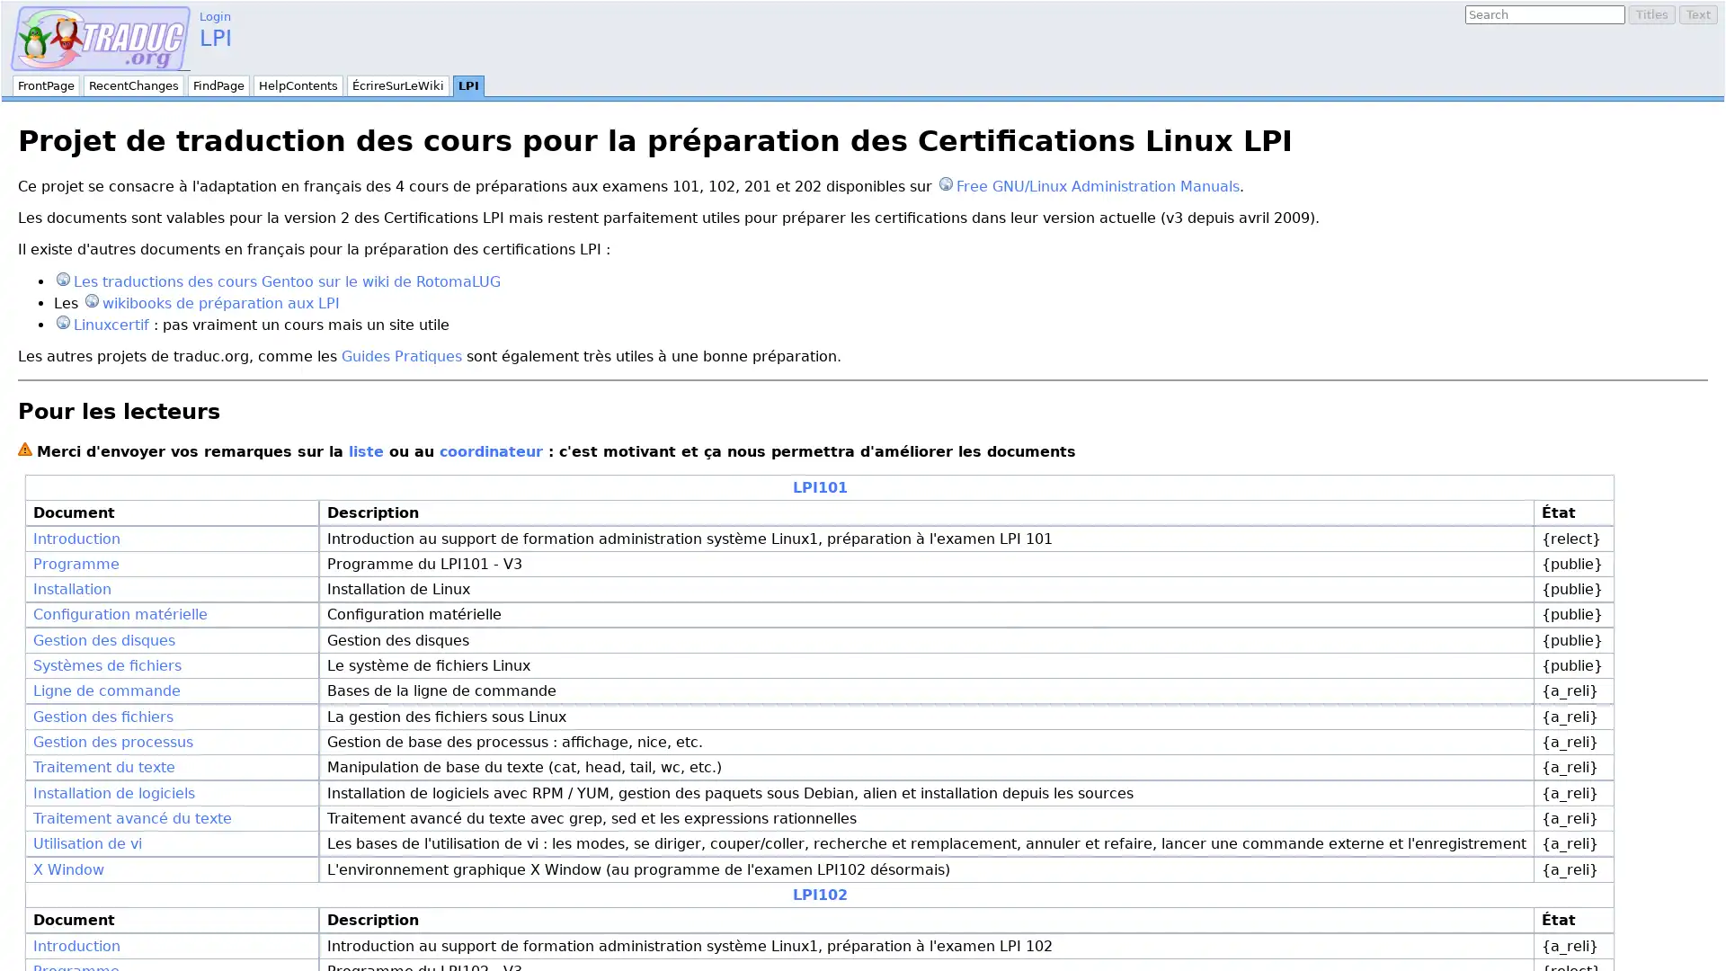  I want to click on Text, so click(1697, 14).